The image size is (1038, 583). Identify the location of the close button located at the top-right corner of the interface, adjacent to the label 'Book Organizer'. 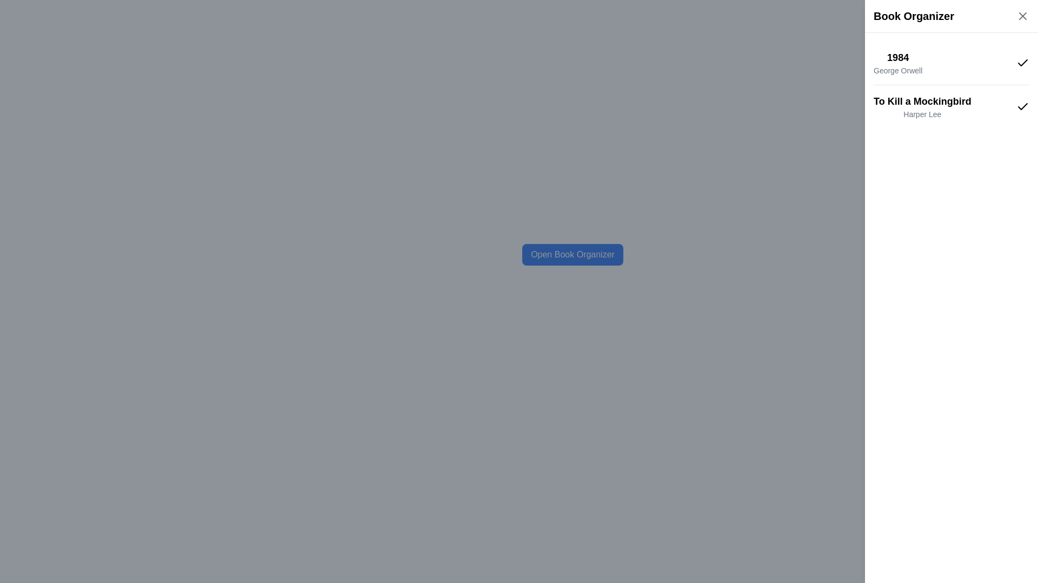
(1022, 16).